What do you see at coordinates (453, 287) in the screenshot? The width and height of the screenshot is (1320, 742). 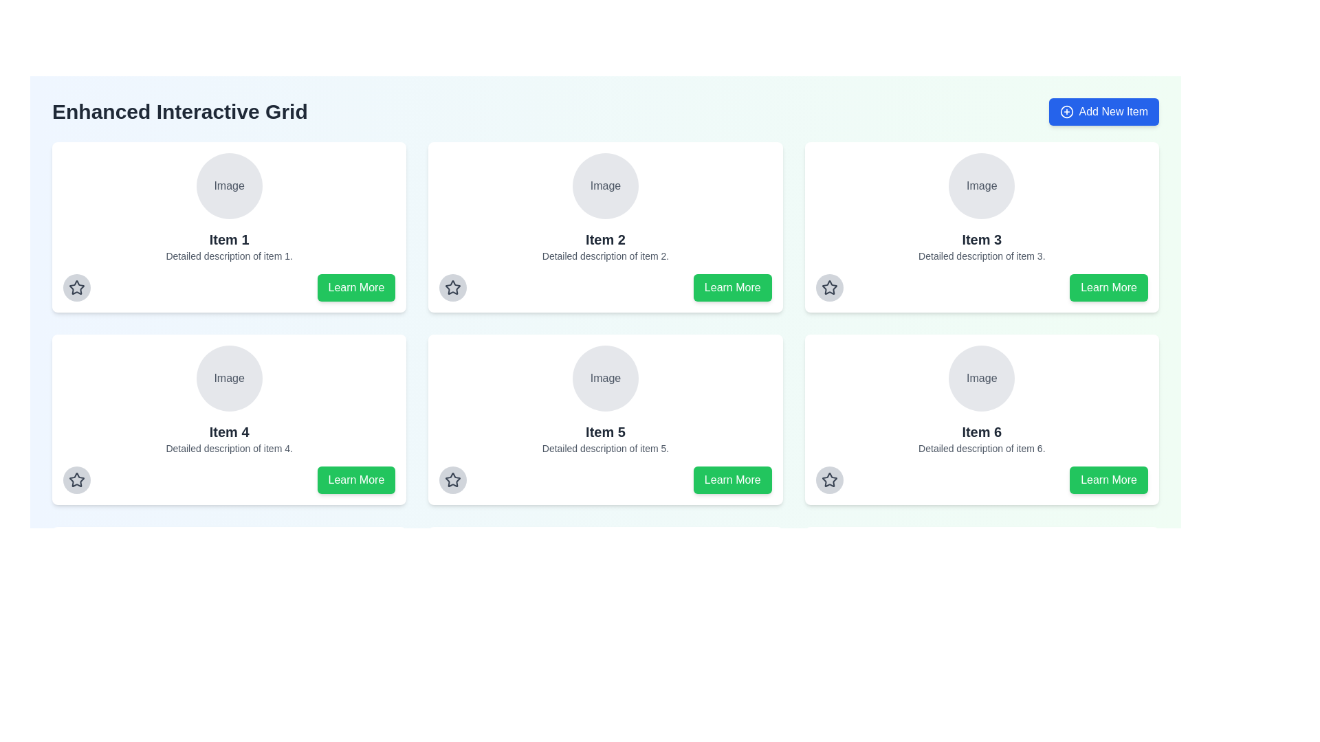 I see `the circular toggle button located in the bottom-left corner of the 'Item 2' panel` at bounding box center [453, 287].